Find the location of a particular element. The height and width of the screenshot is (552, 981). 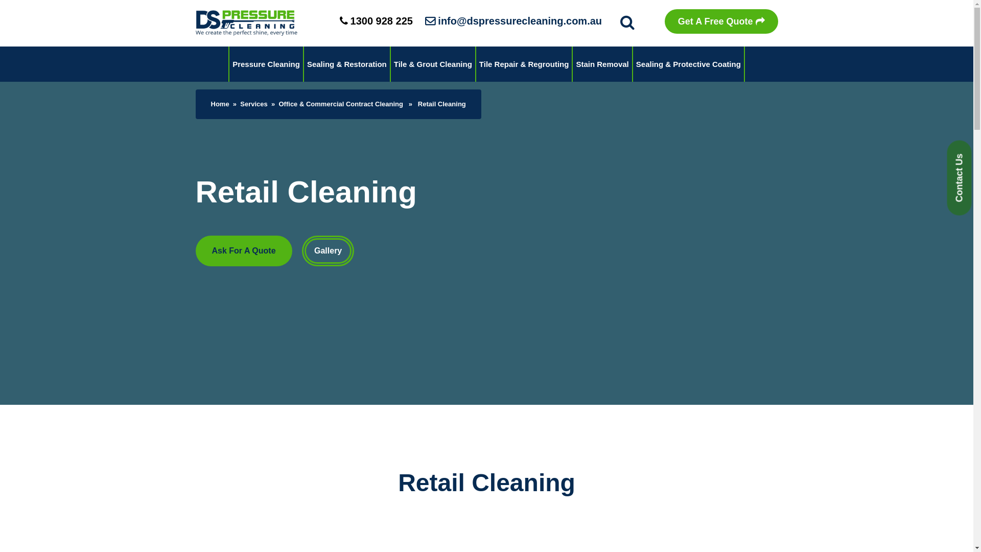

'Tile Repair & Regrouting' is located at coordinates (524, 64).